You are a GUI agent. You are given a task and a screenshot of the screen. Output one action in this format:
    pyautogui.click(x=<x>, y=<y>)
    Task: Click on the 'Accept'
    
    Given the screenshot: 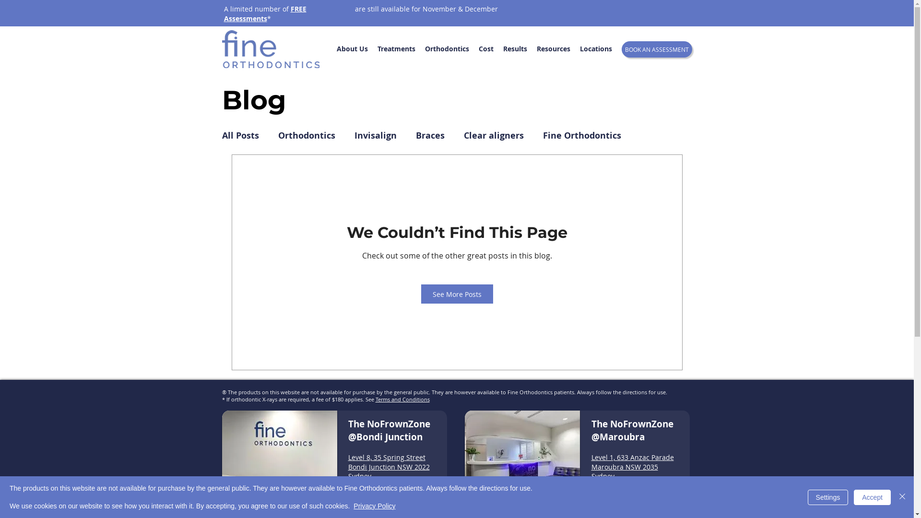 What is the action you would take?
    pyautogui.click(x=872, y=497)
    